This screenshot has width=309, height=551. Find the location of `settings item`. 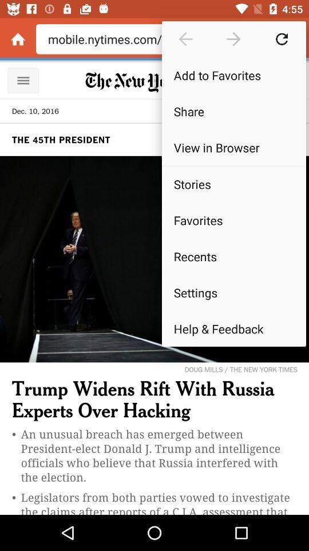

settings item is located at coordinates (233, 292).